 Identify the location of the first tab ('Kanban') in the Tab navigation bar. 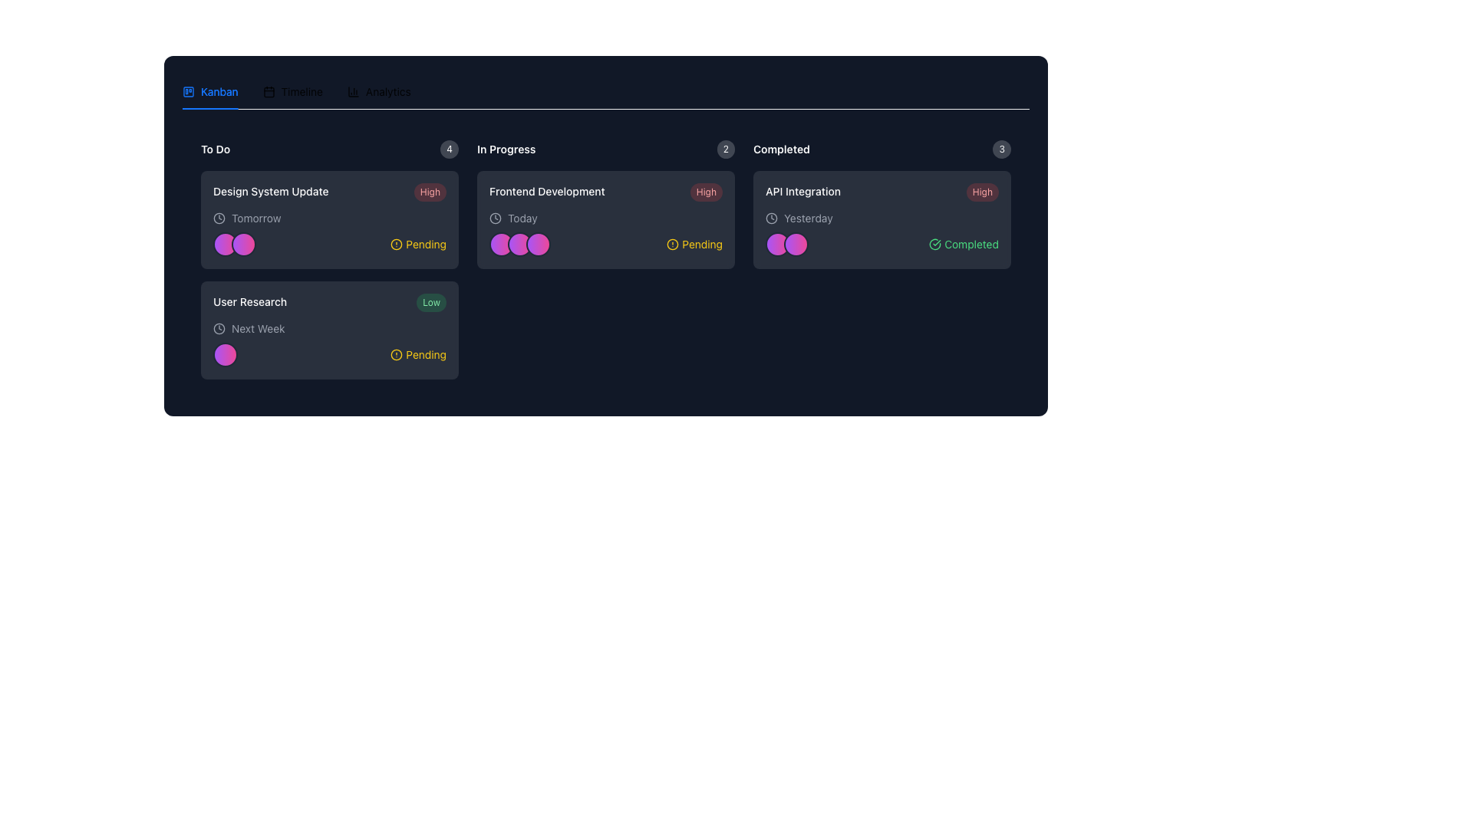
(296, 91).